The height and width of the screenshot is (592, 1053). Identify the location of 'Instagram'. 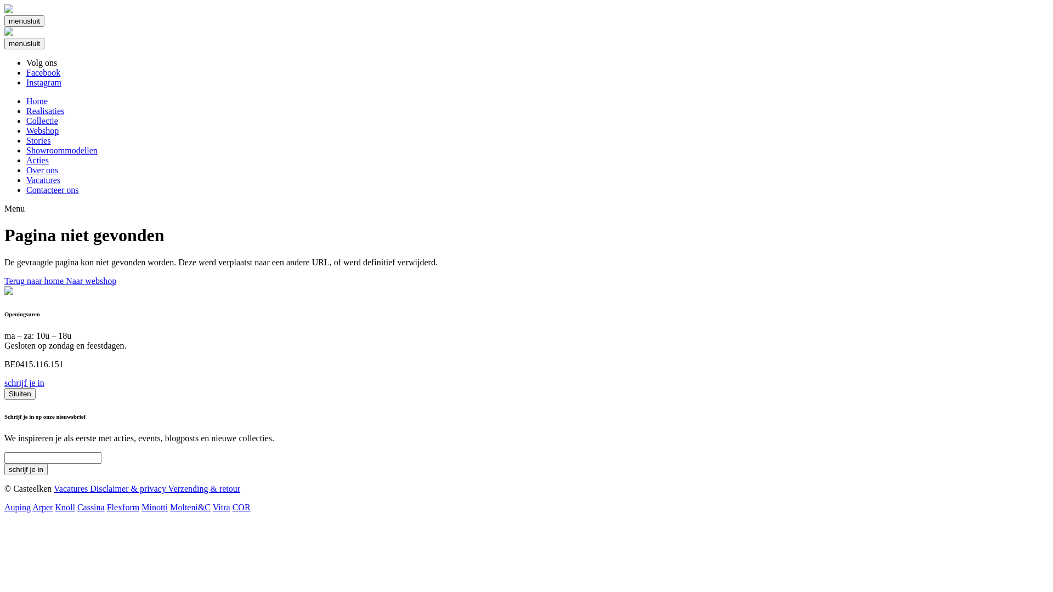
(44, 82).